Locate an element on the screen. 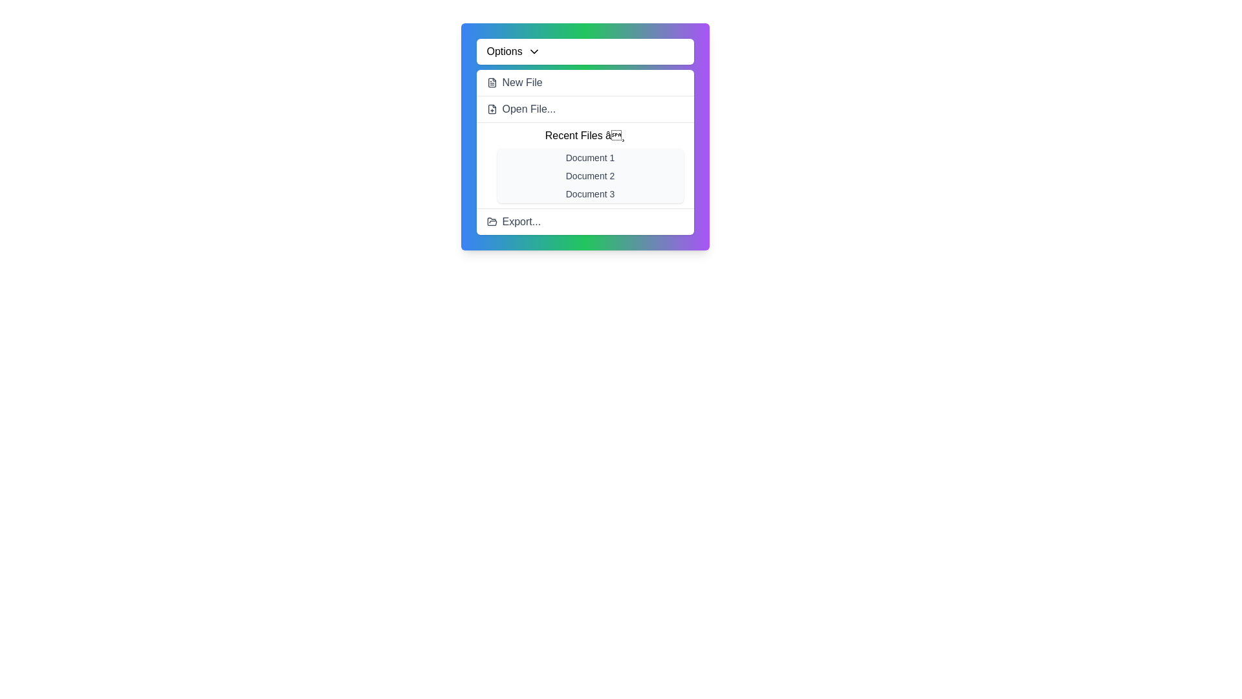 The width and height of the screenshot is (1242, 699). the Dropdown menu trigger button labeled 'Options' to activate it is located at coordinates (584, 51).